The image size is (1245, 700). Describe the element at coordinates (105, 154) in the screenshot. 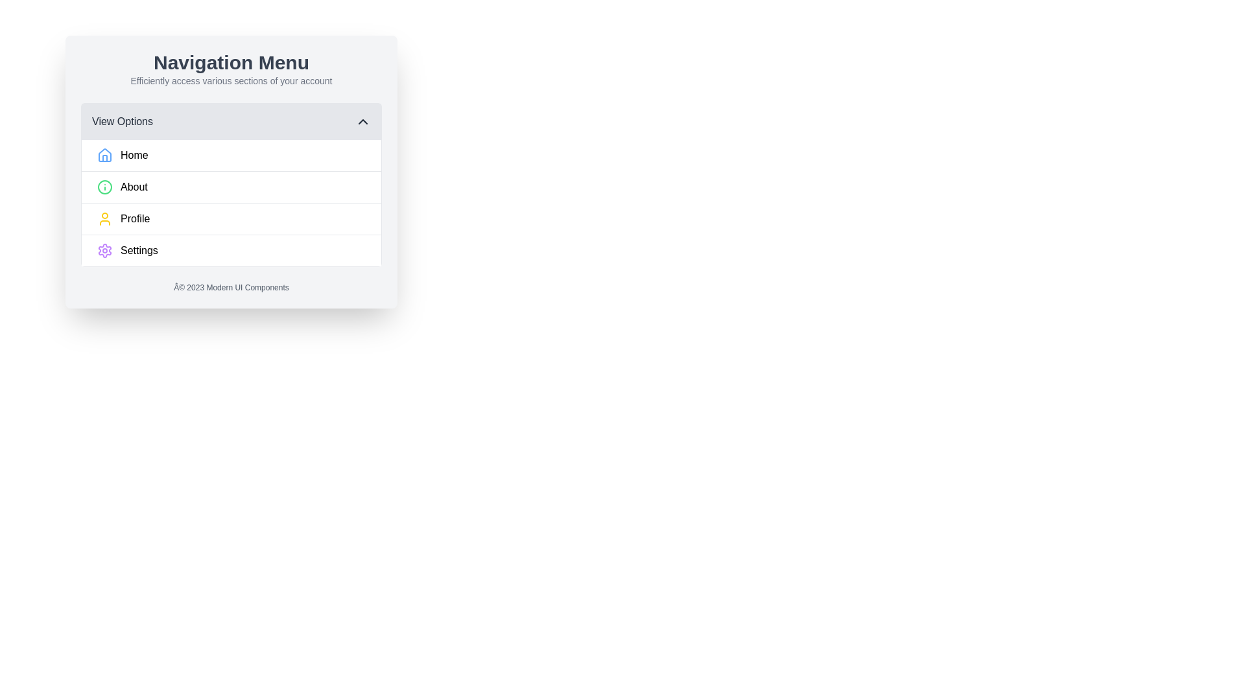

I see `the 'Home' icon in the navigation menu, which is the first item and is located directly to the left of the text label 'Home'` at that location.